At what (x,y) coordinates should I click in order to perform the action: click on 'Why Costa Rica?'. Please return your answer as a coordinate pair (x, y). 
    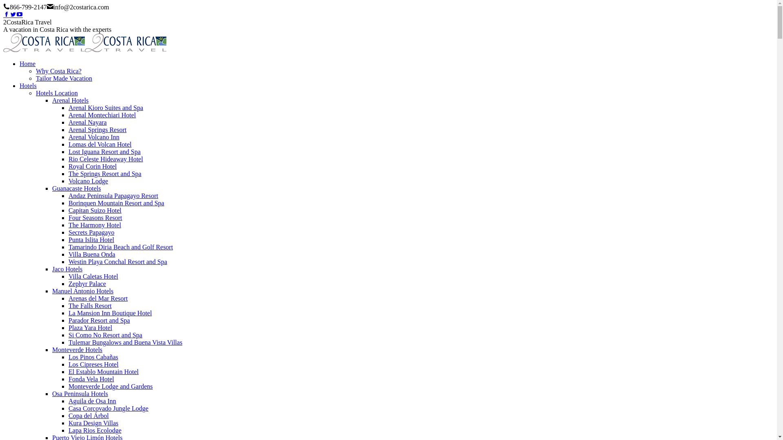
    Looking at the image, I should click on (58, 70).